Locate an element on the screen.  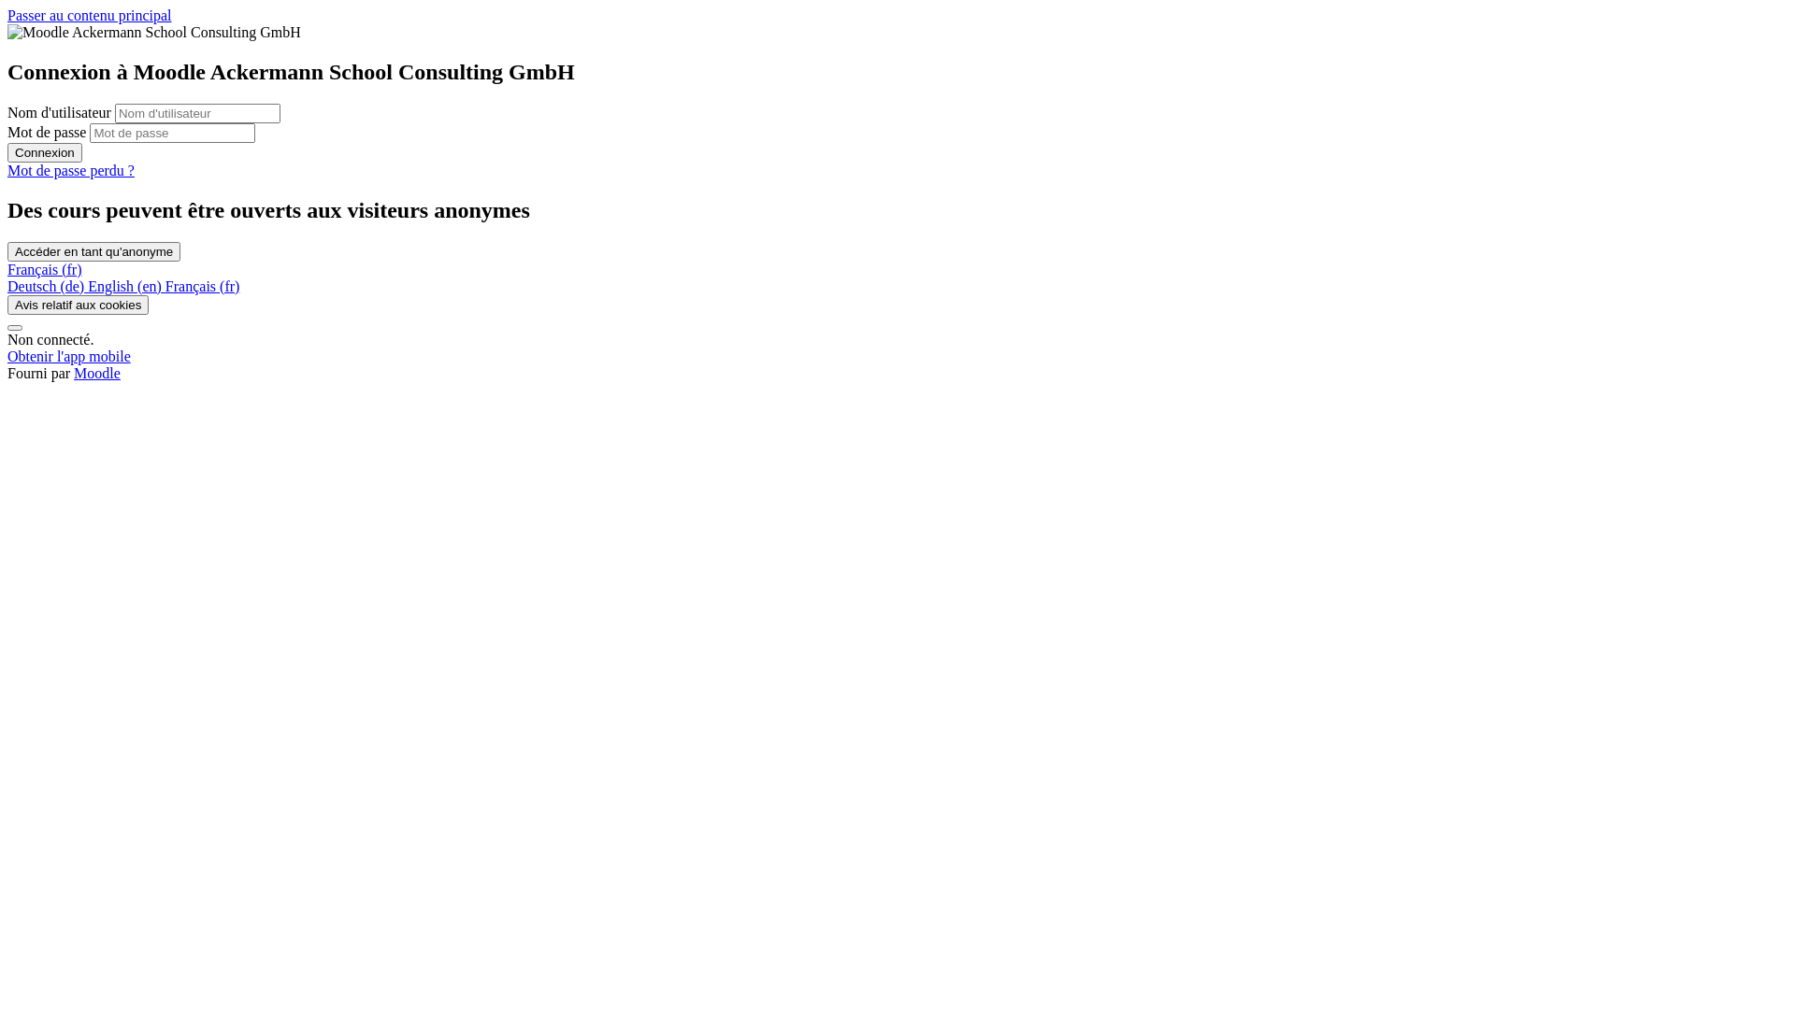
'Moodle' is located at coordinates (96, 373).